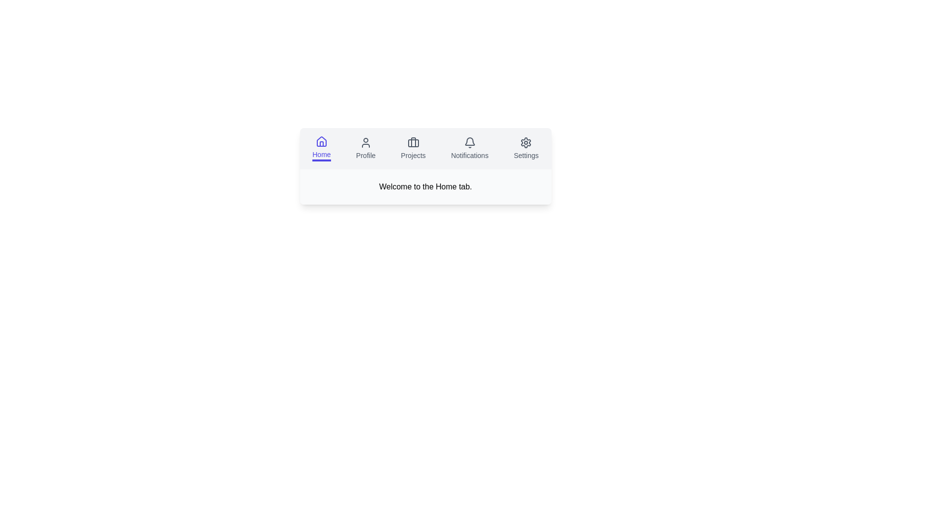 The width and height of the screenshot is (943, 530). What do you see at coordinates (365, 142) in the screenshot?
I see `the user profile icon, which is the second icon in the navigation bar` at bounding box center [365, 142].